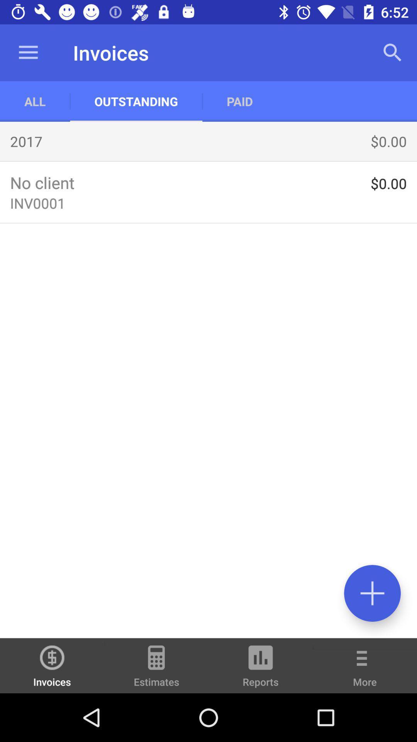 The image size is (417, 742). What do you see at coordinates (372, 593) in the screenshot?
I see `the add icon` at bounding box center [372, 593].